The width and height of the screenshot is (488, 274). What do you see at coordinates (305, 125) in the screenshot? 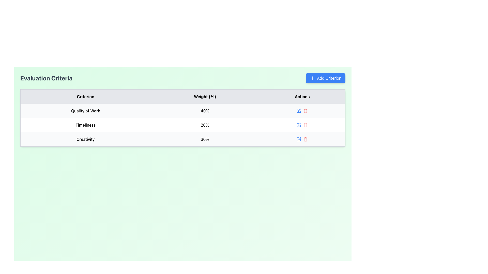
I see `the delete icon in the 'Actions' column of the second row of the table, associated with the 'Timeliness' criterion` at bounding box center [305, 125].